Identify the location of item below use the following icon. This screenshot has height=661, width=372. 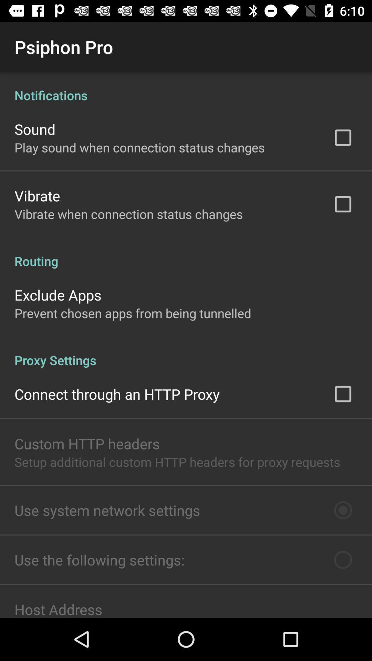
(58, 608).